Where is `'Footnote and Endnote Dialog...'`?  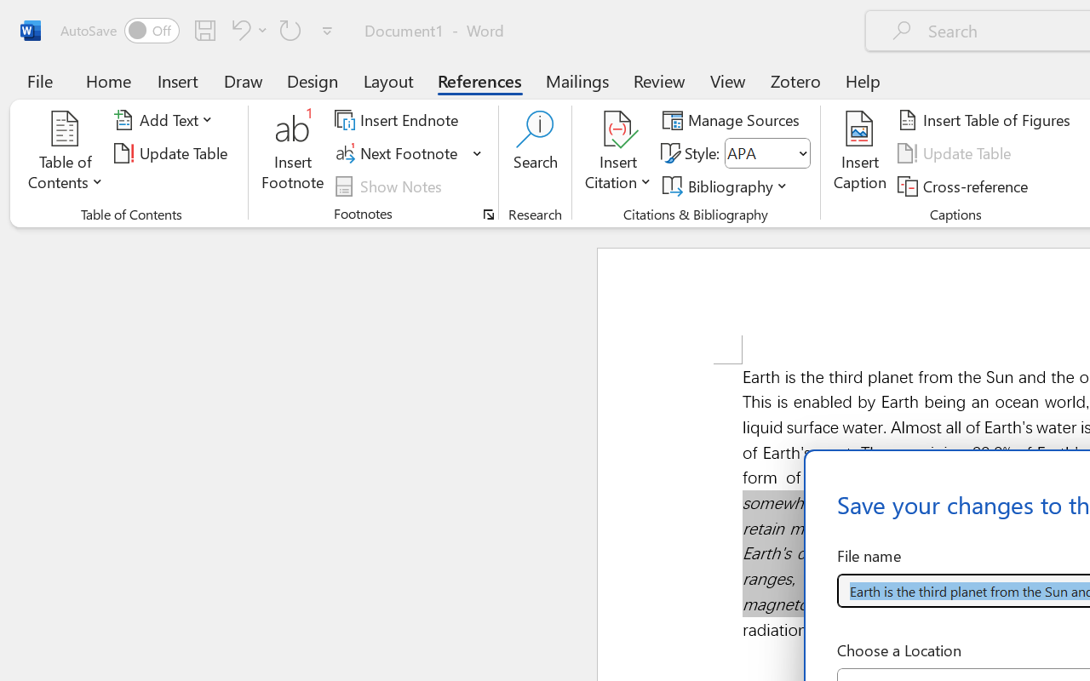 'Footnote and Endnote Dialog...' is located at coordinates (488, 214).